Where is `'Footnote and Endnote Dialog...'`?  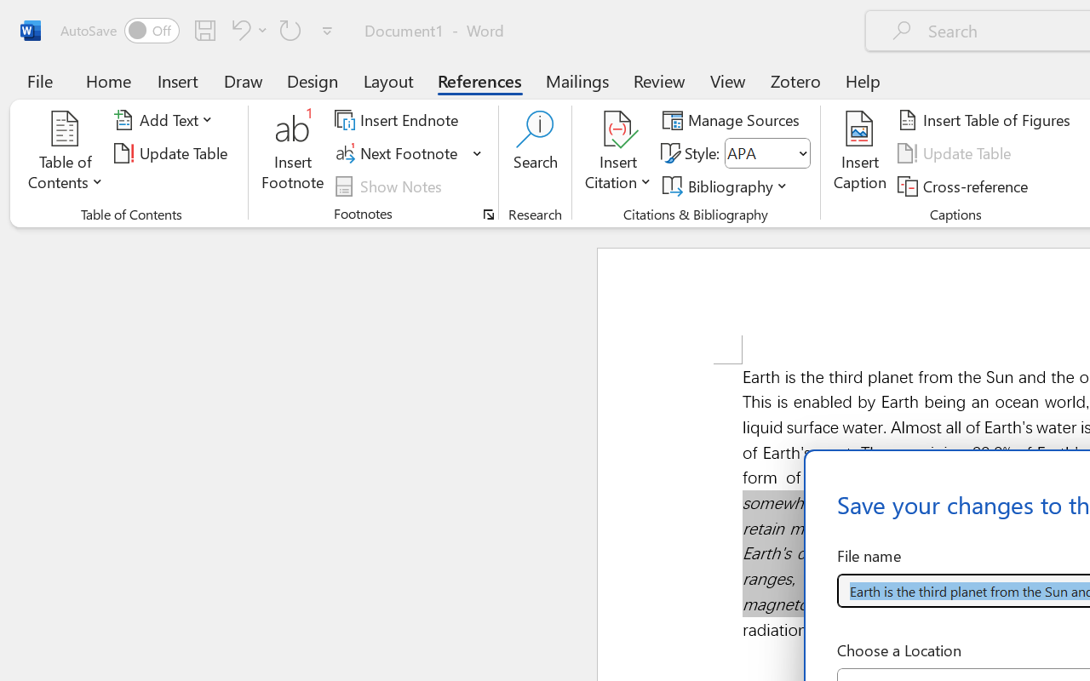 'Footnote and Endnote Dialog...' is located at coordinates (488, 214).